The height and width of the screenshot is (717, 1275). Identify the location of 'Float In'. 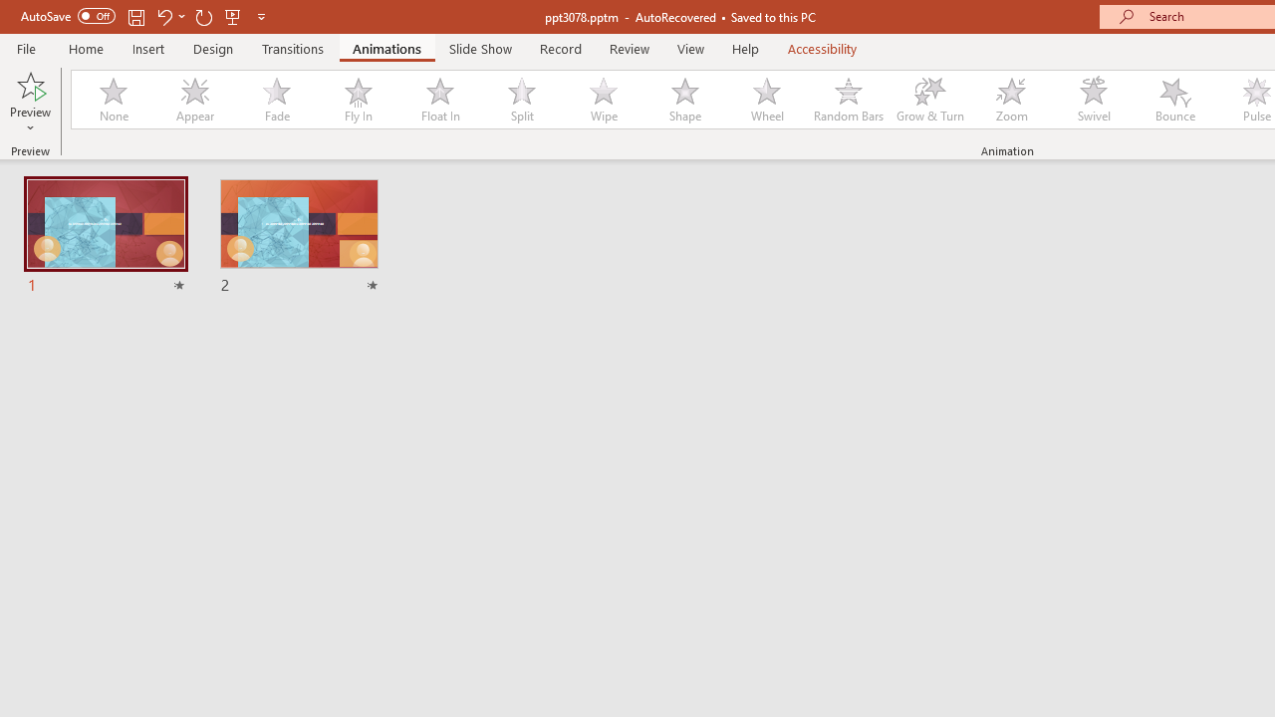
(438, 100).